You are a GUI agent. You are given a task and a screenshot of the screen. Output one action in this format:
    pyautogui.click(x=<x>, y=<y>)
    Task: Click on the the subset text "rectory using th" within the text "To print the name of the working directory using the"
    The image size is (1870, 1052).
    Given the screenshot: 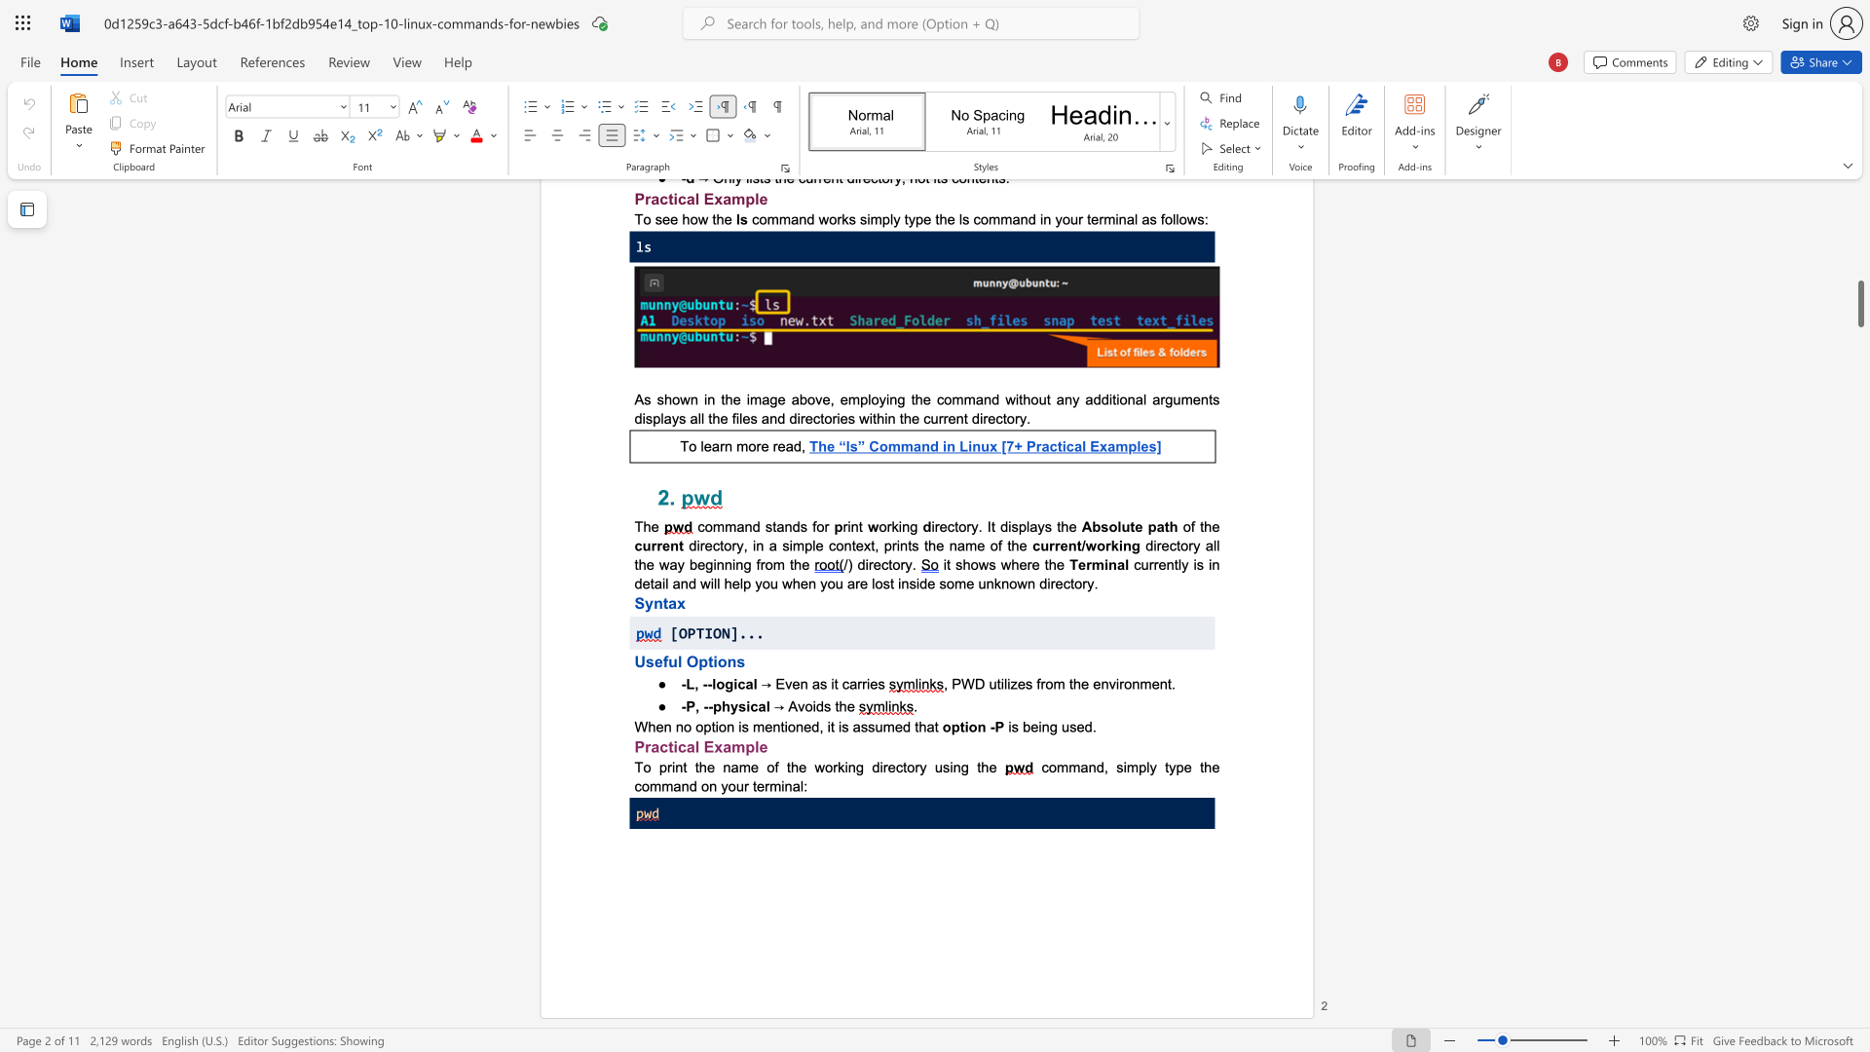 What is the action you would take?
    pyautogui.click(x=881, y=766)
    